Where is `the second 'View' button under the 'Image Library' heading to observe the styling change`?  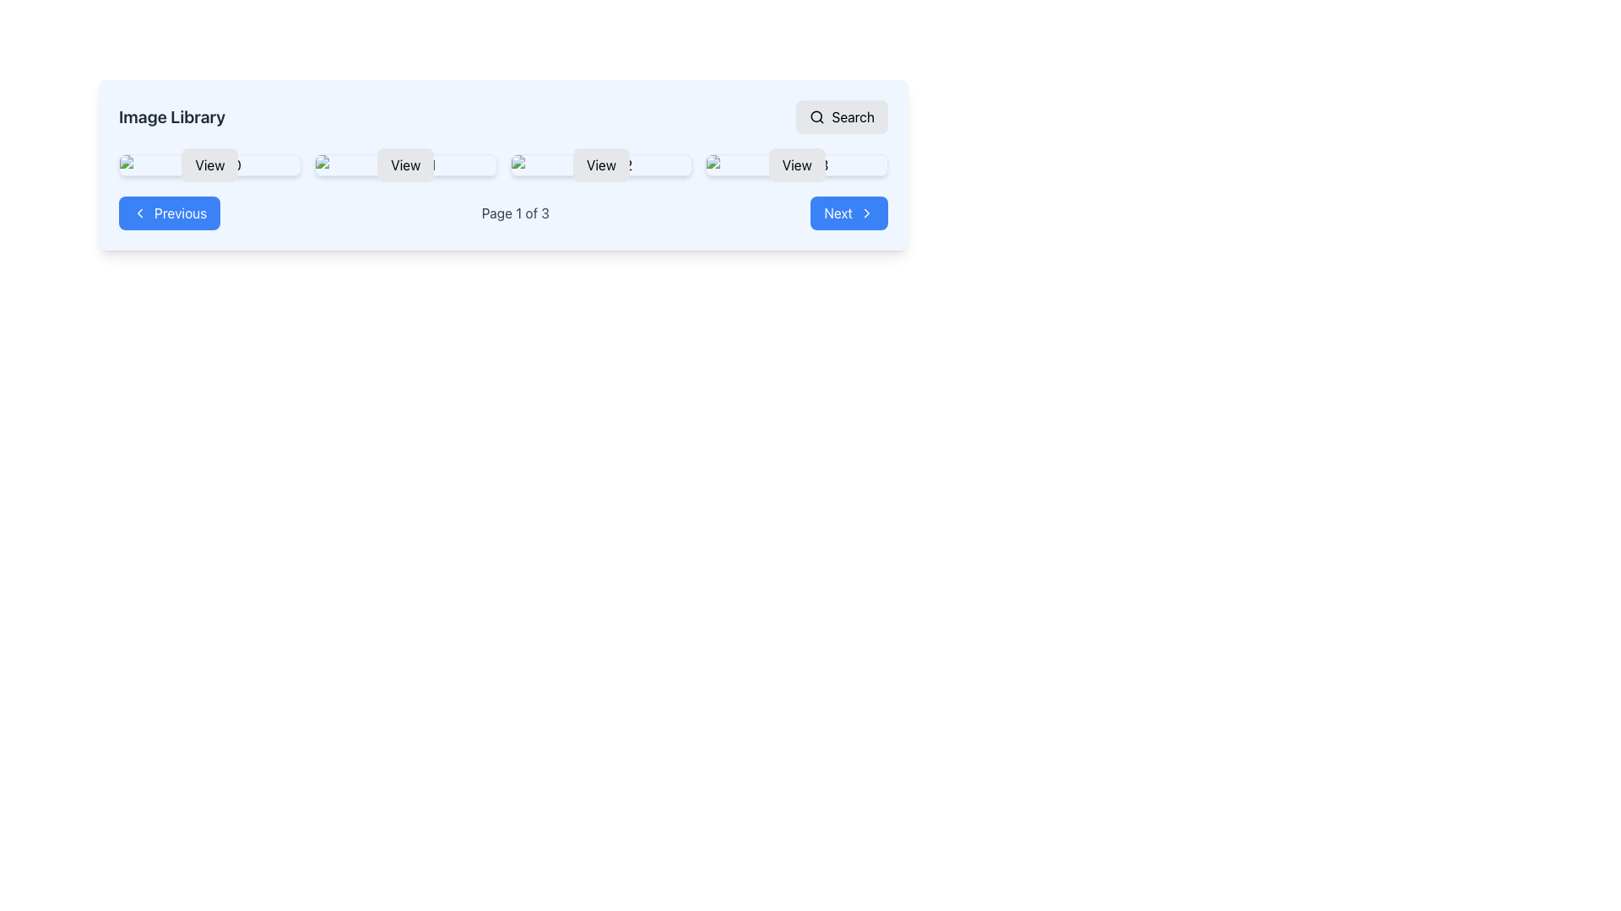
the second 'View' button under the 'Image Library' heading to observe the styling change is located at coordinates (405, 165).